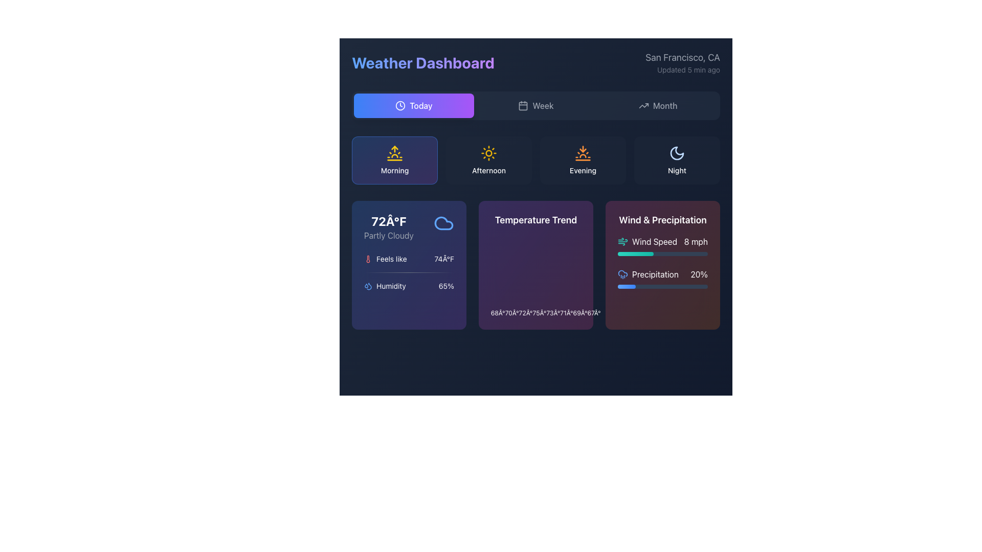  Describe the element at coordinates (655, 273) in the screenshot. I see `the Text label indicating the data type for the associated progress bar and percentage value in the 'Wind & Precipitation' card` at that location.